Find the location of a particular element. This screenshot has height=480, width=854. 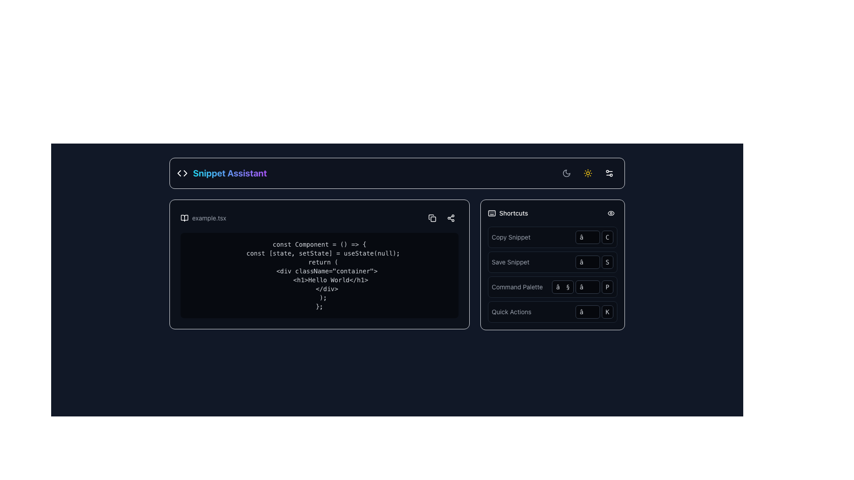

the icon located at the top-right section of the interface is located at coordinates (588, 173).